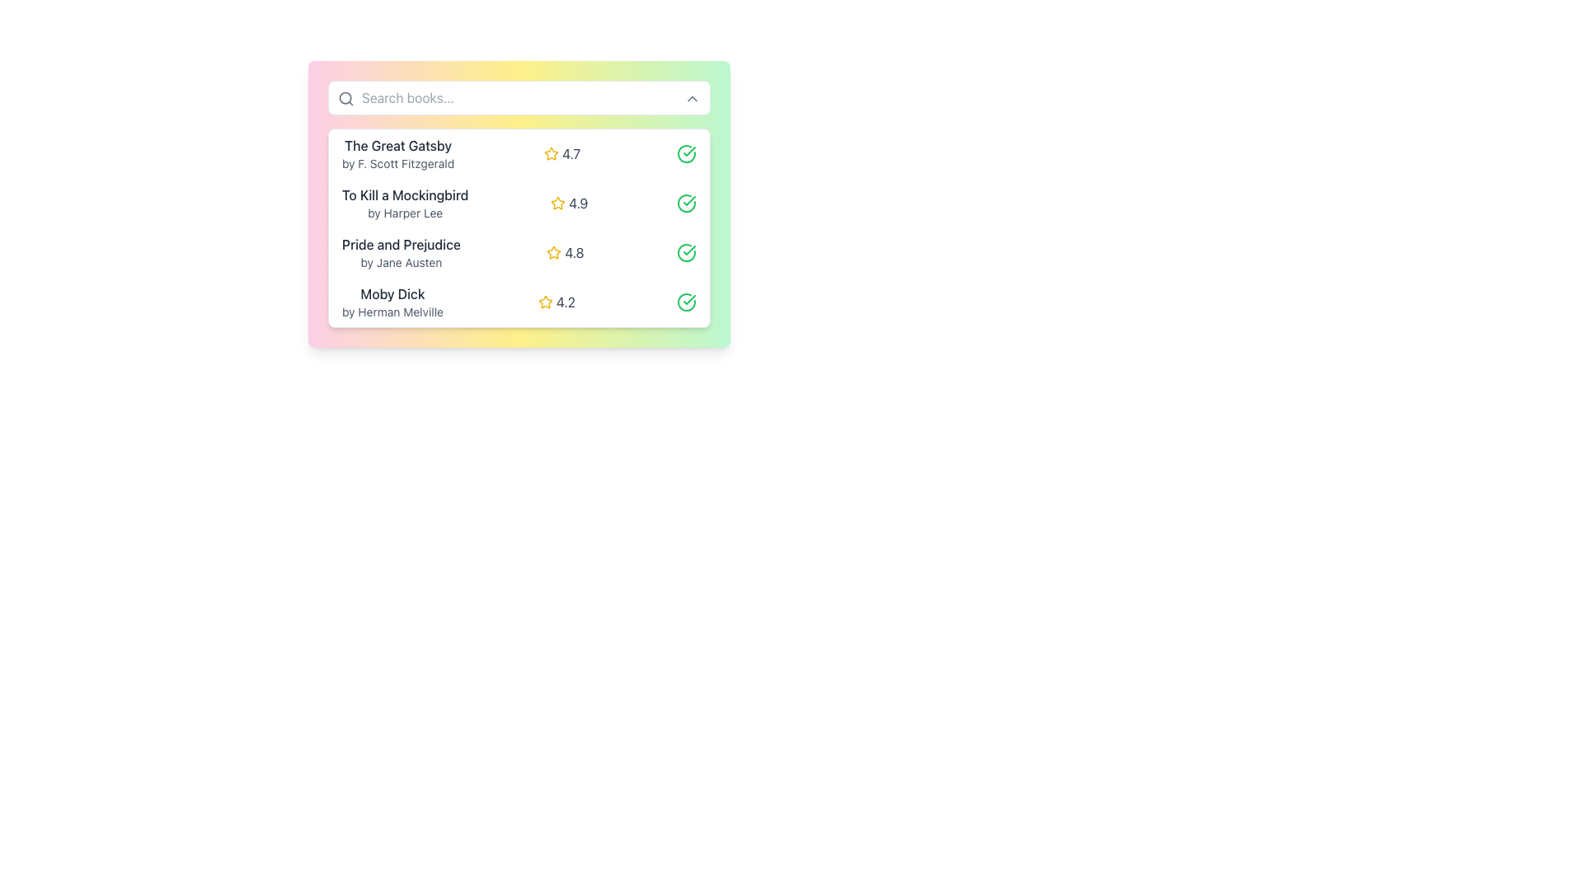  I want to click on the star icon located to the left of the rating score '4.7', so click(552, 153).